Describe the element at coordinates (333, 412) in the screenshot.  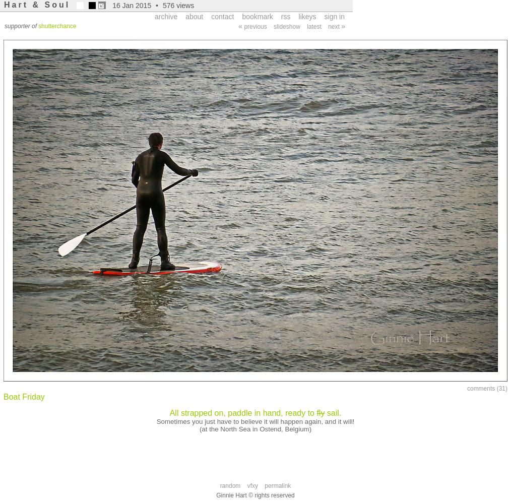
I see `'sail.'` at that location.